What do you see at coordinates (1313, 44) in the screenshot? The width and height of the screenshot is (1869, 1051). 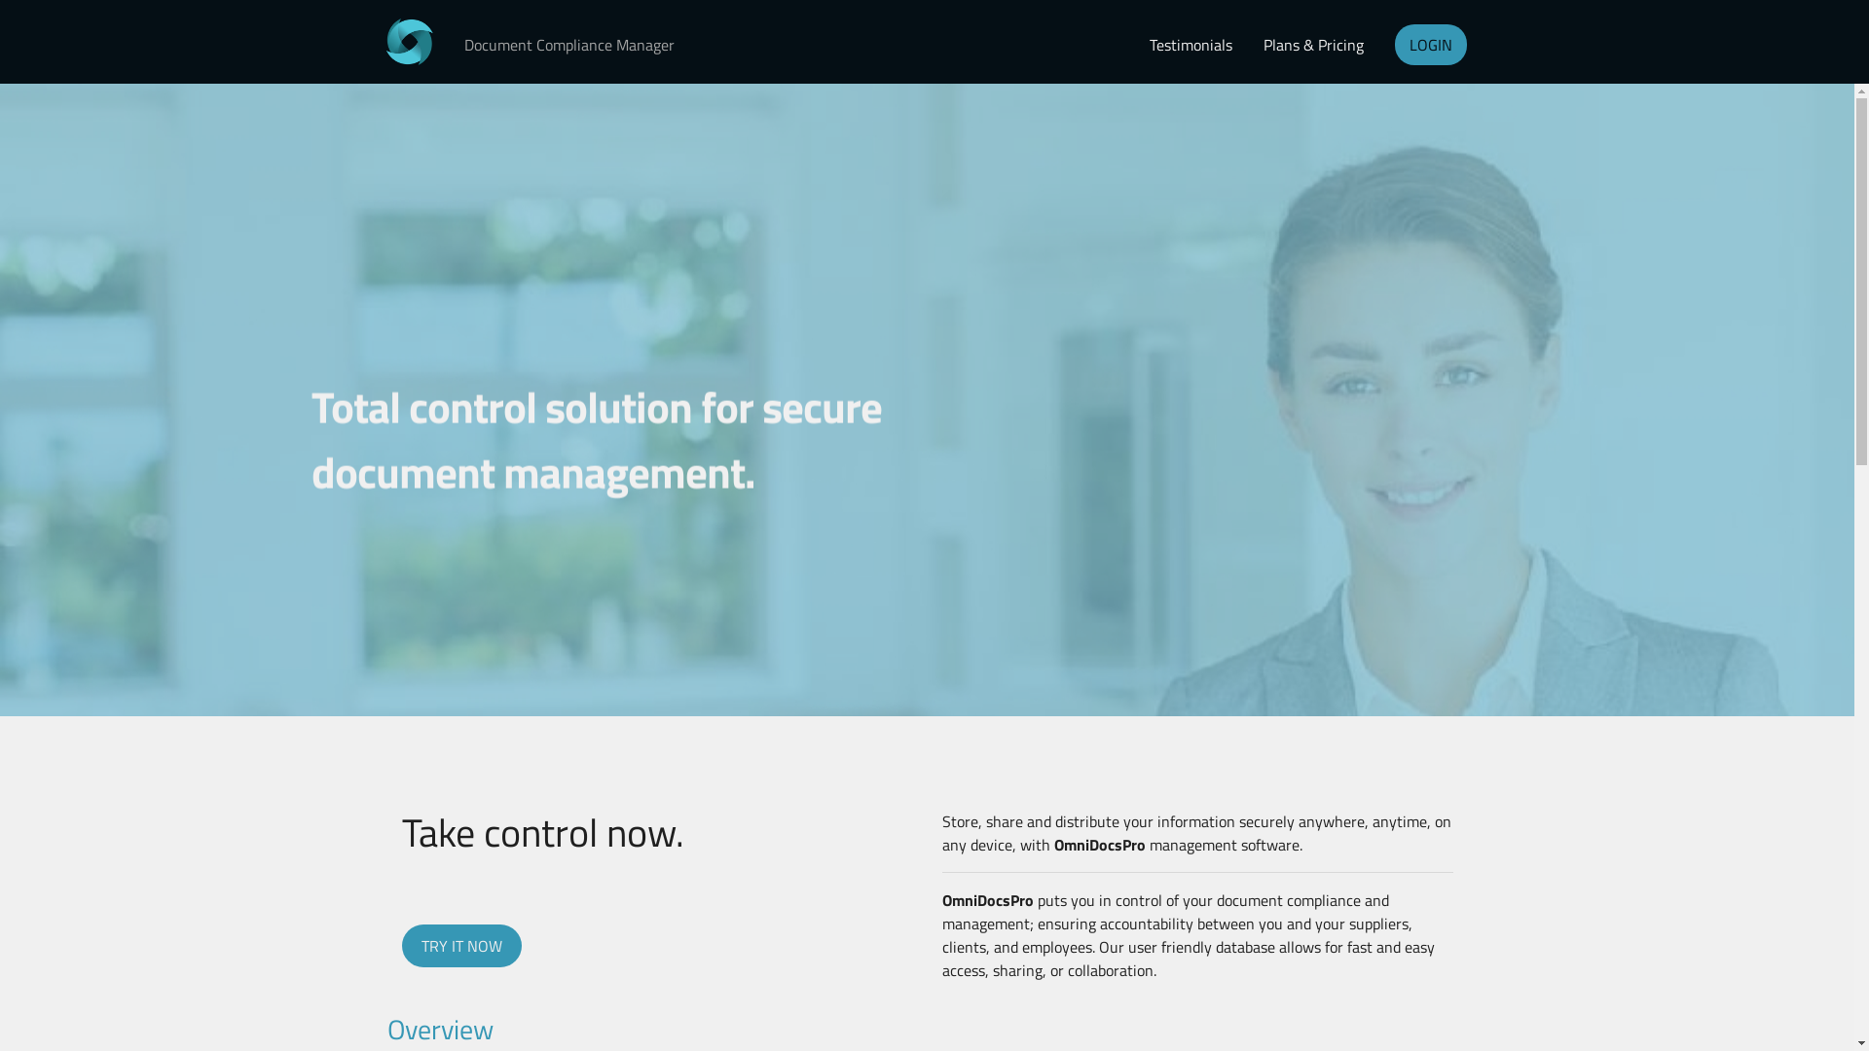 I see `'Plans & Pricing'` at bounding box center [1313, 44].